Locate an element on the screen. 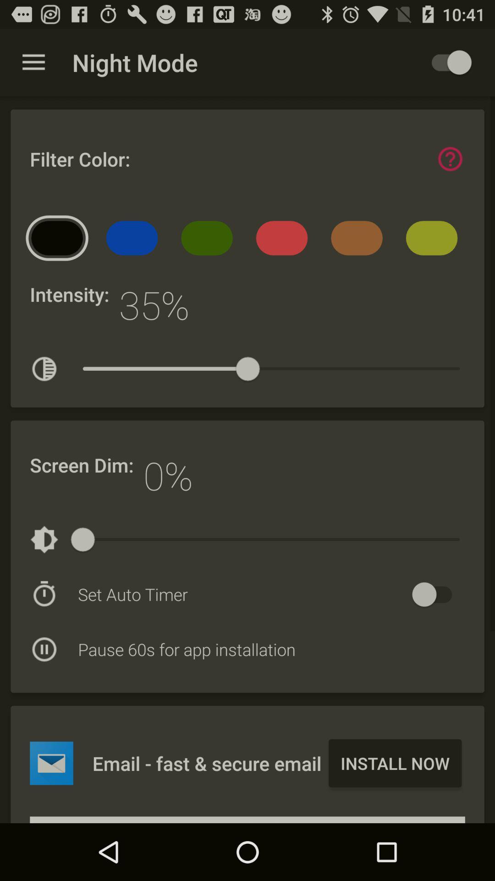  information is located at coordinates (450, 159).